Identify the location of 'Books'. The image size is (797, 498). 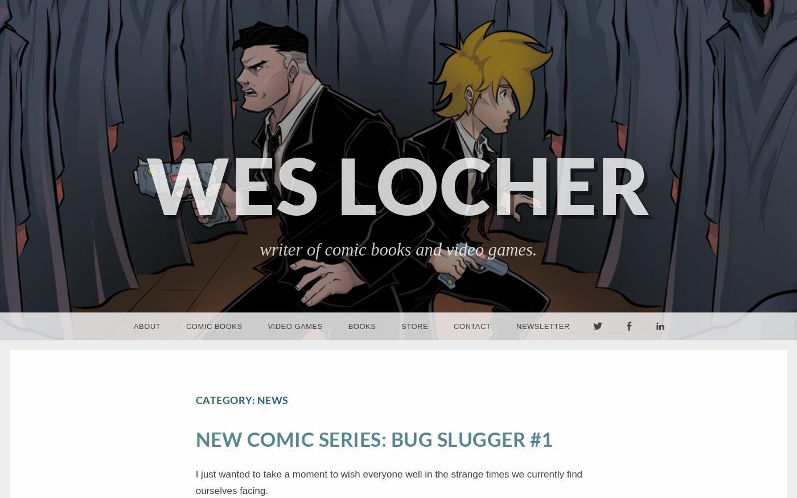
(361, 326).